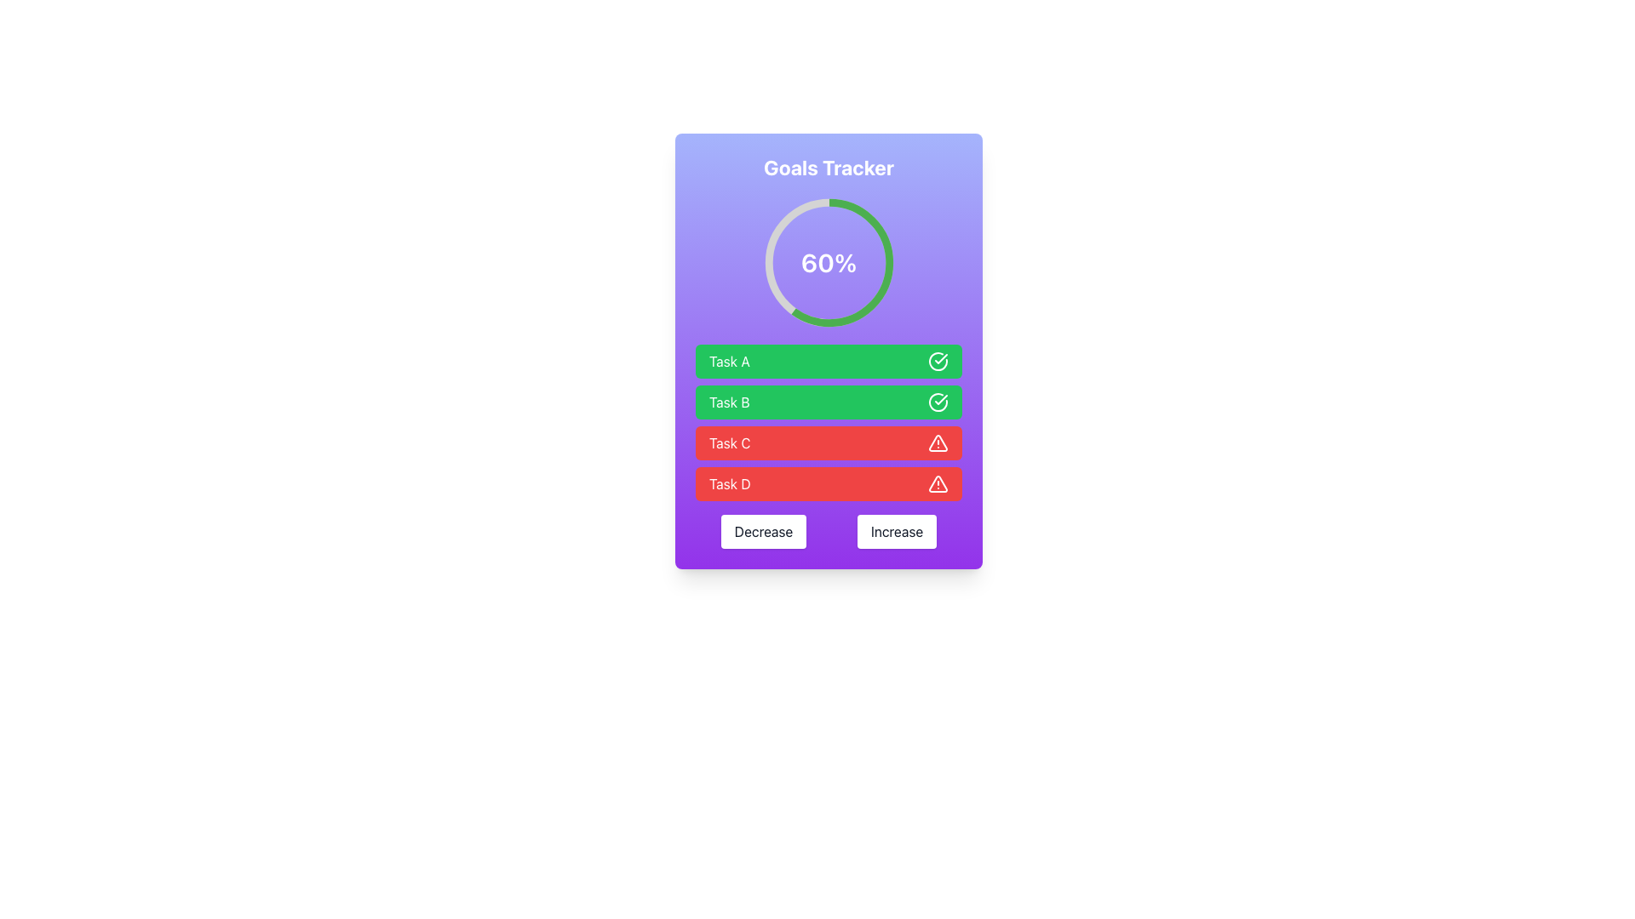 The width and height of the screenshot is (1635, 919). What do you see at coordinates (729, 402) in the screenshot?
I see `the 'Task B' text label, which displays 'Task B' in white text on a green background, positioned beneath the 'Task A' label` at bounding box center [729, 402].